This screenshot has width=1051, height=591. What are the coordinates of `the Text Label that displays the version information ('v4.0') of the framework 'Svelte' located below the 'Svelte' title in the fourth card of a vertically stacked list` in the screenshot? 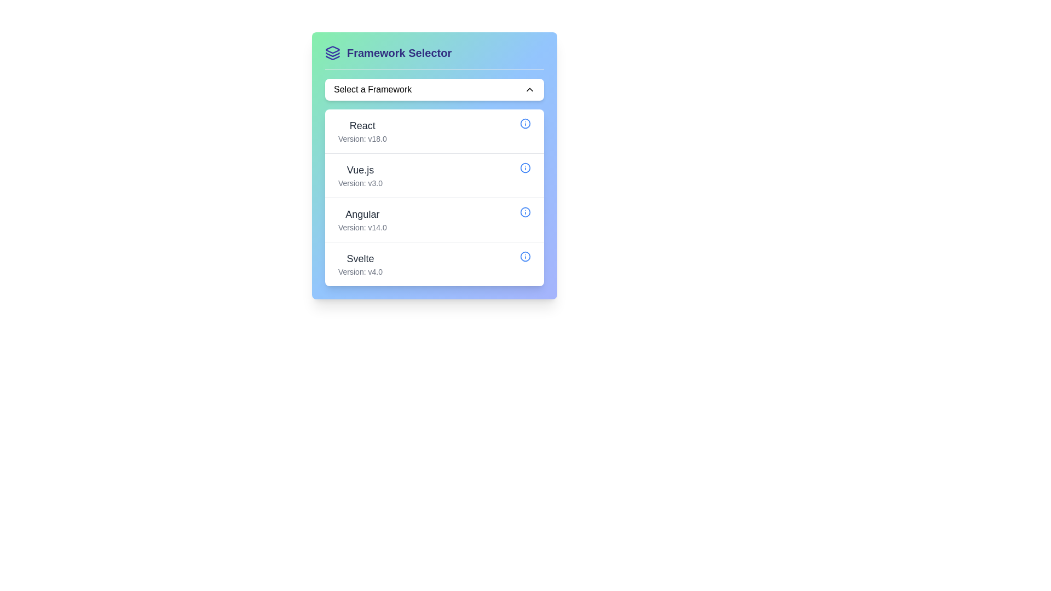 It's located at (360, 271).